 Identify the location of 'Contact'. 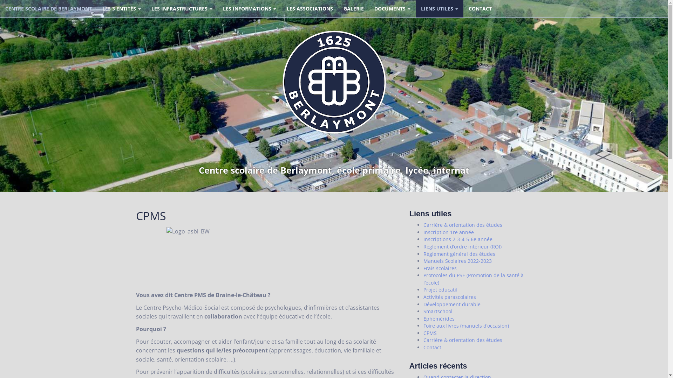
(423, 347).